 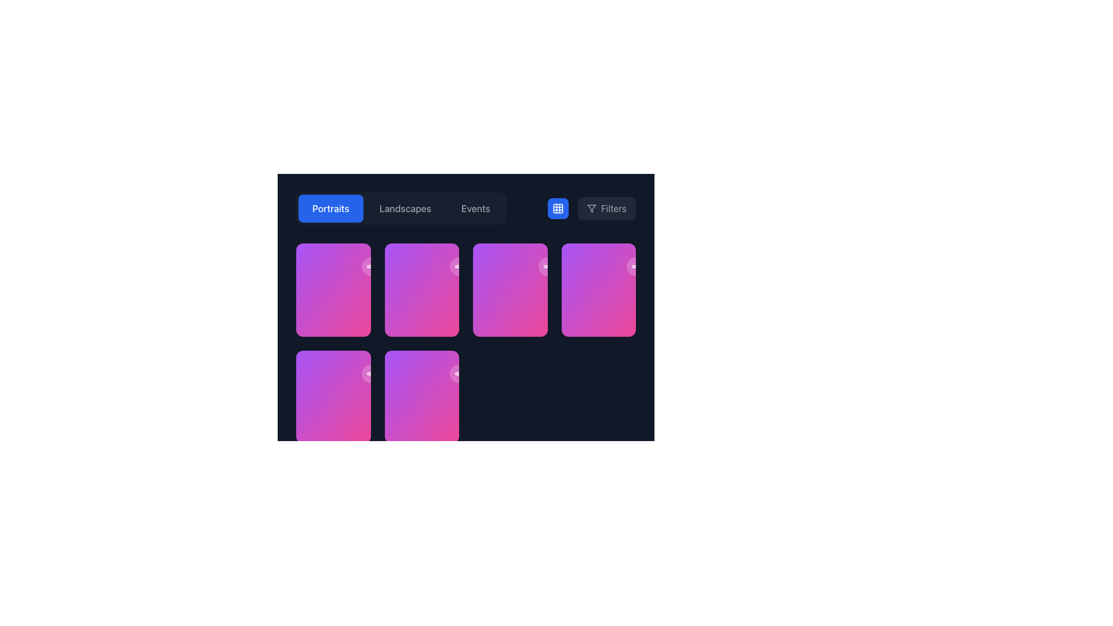 What do you see at coordinates (421, 399) in the screenshot?
I see `the Information display panel that summarizes engagement metrics for the card labeled 'Natural Light' and 'Studio', located at the bottommost section of the card` at bounding box center [421, 399].